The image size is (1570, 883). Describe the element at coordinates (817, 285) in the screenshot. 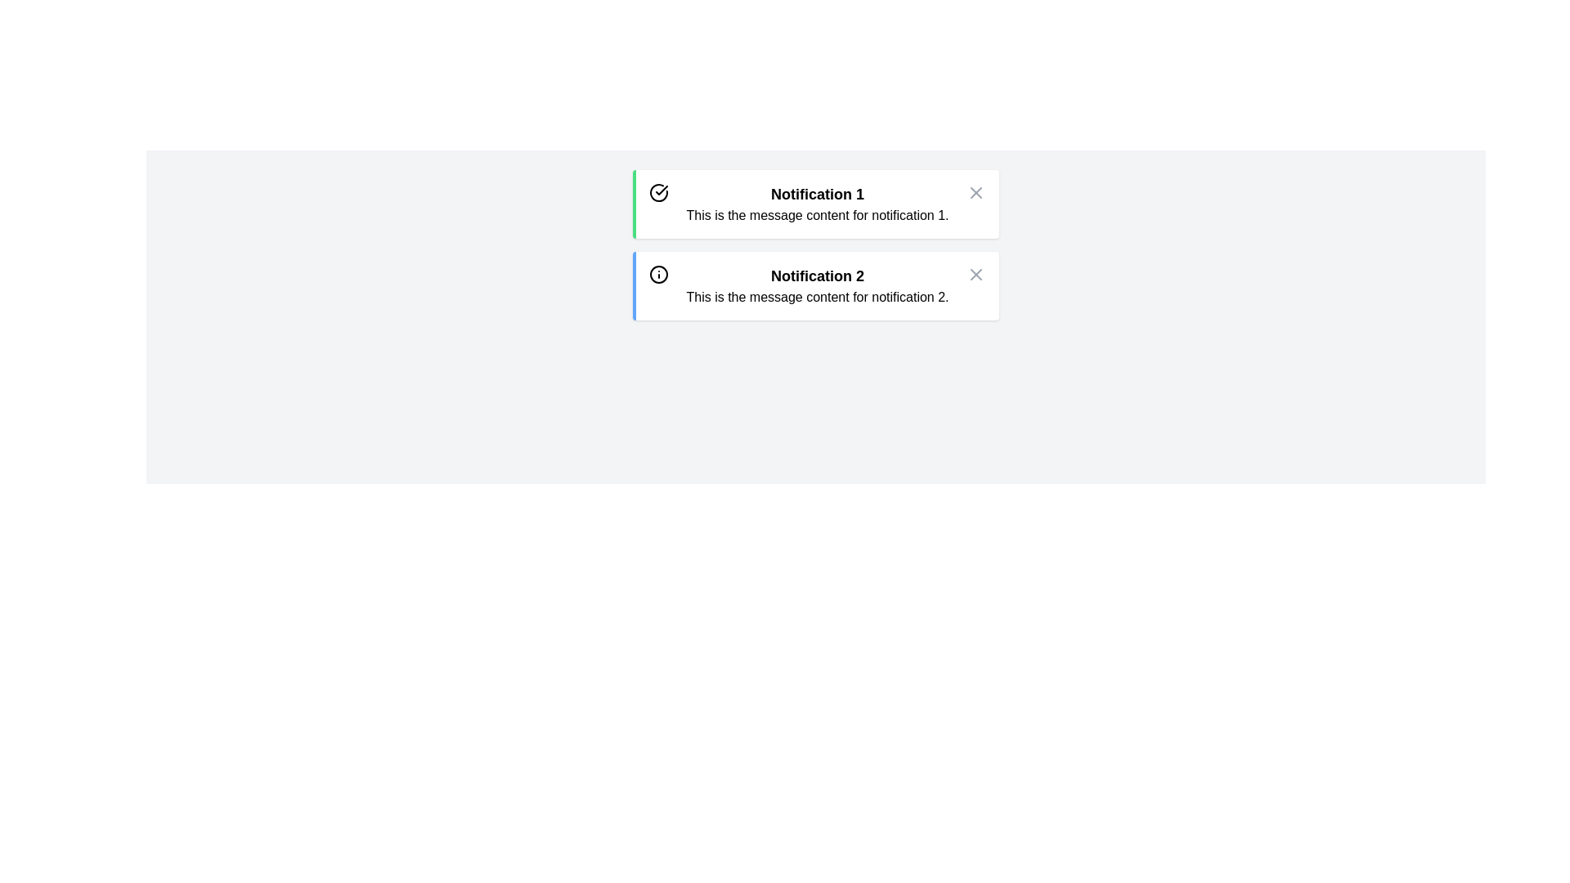

I see `the text block labeled 'Notification 2' that contains two lines of text, with the first line being bold and larger, and the second line being smaller` at that location.